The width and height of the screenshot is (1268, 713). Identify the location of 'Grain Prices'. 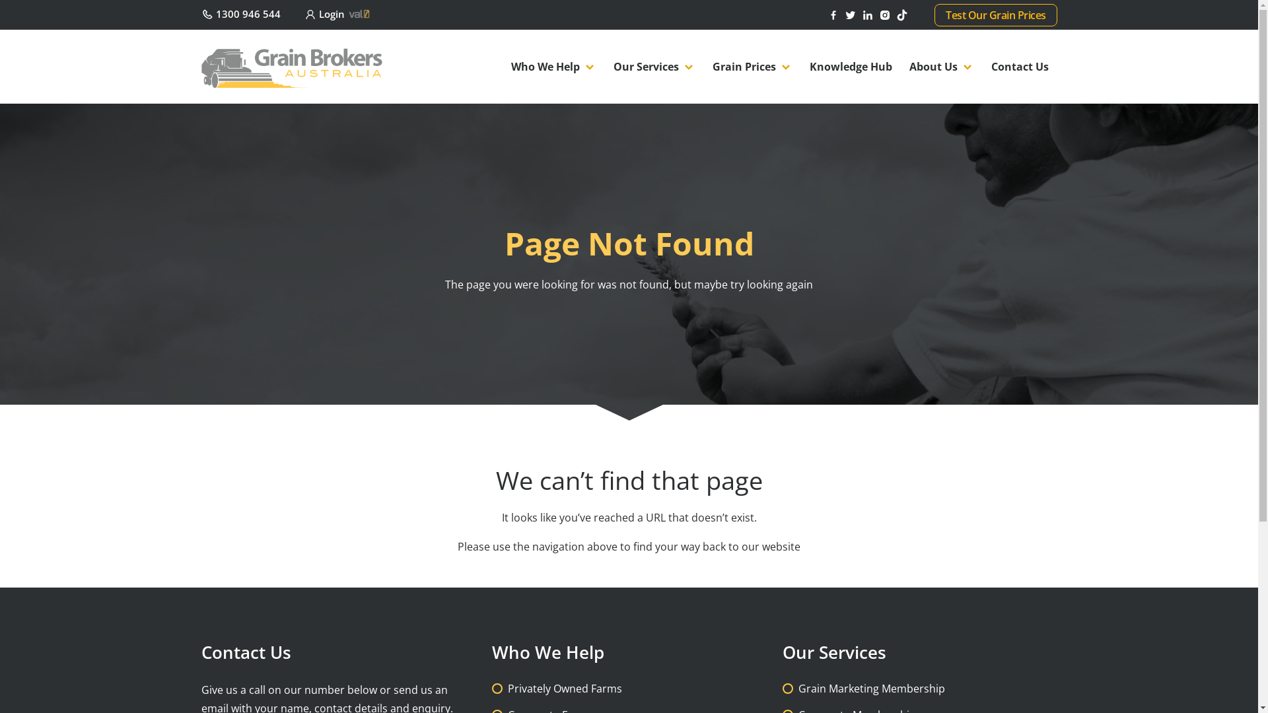
(703, 66).